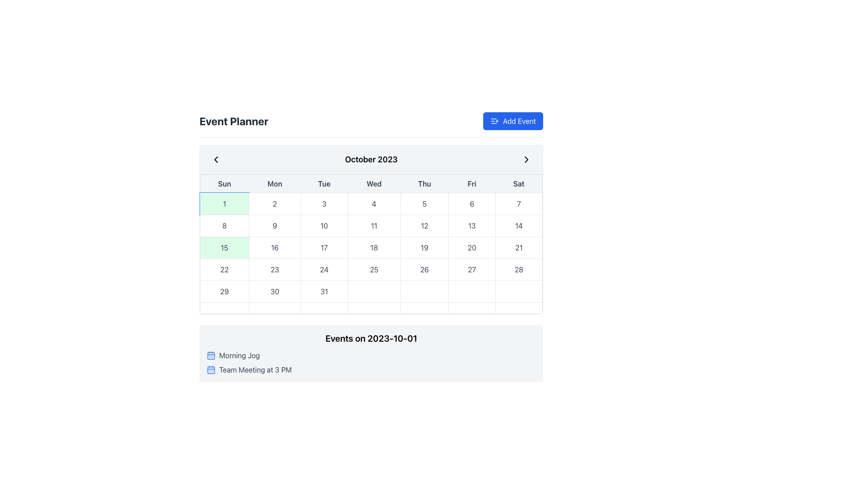  Describe the element at coordinates (374, 203) in the screenshot. I see `the interactive calendar date cell representing Wednesday, October 4th, 2023` at that location.